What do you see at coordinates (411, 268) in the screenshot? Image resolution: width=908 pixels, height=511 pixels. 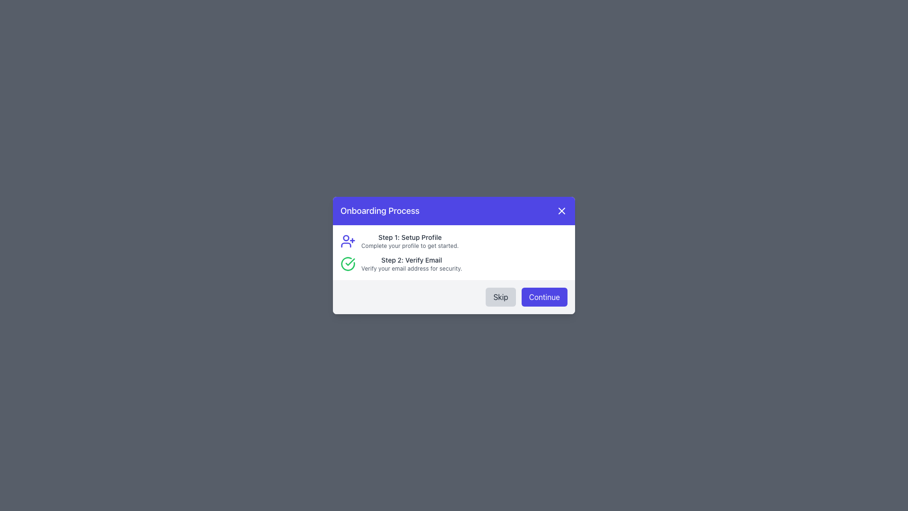 I see `the text label that contains the phrase 'Verify your email address for security.', which is styled as auxiliary instruction text located below the 'Step 2: Verify Email' header in the confirmation step UI component of the modal dialog` at bounding box center [411, 268].